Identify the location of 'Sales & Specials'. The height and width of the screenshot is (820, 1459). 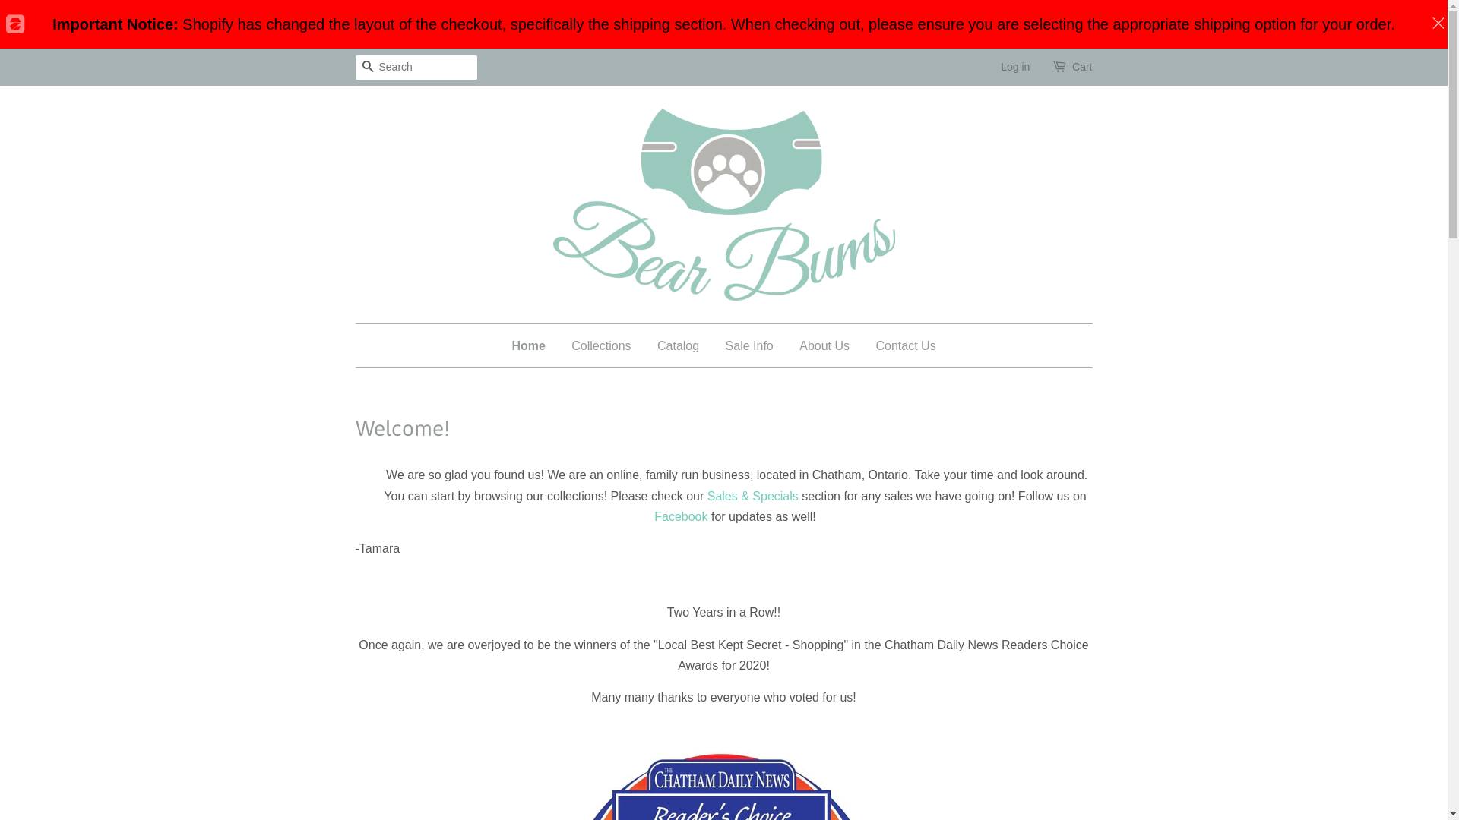
(752, 496).